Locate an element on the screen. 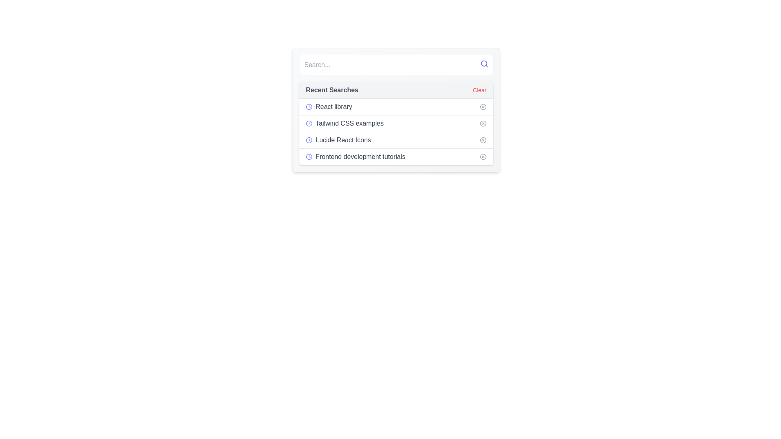 The height and width of the screenshot is (439, 781). the item label in the 'Recent Searches' list, which is the text next to the clock icon in the first row is located at coordinates (334, 106).